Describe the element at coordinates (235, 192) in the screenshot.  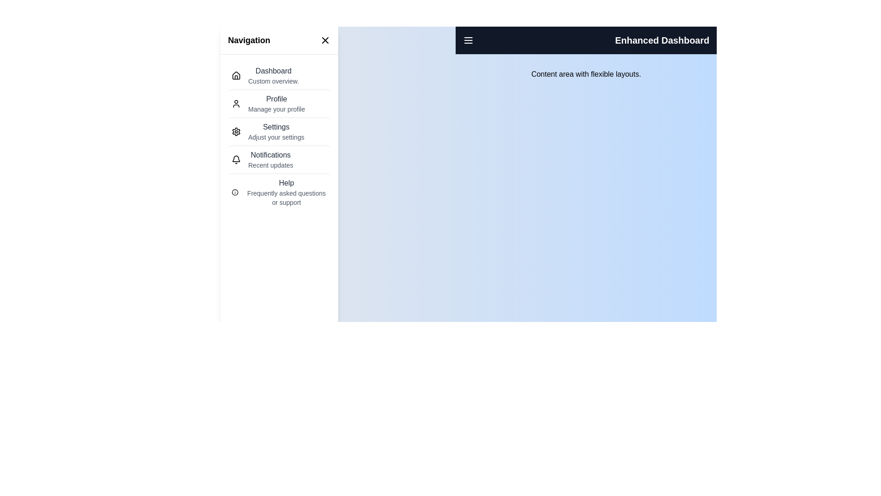
I see `the SVG Circle component that serves as the background for the 'info' icon, located near the center of the icon's bounding box` at that location.